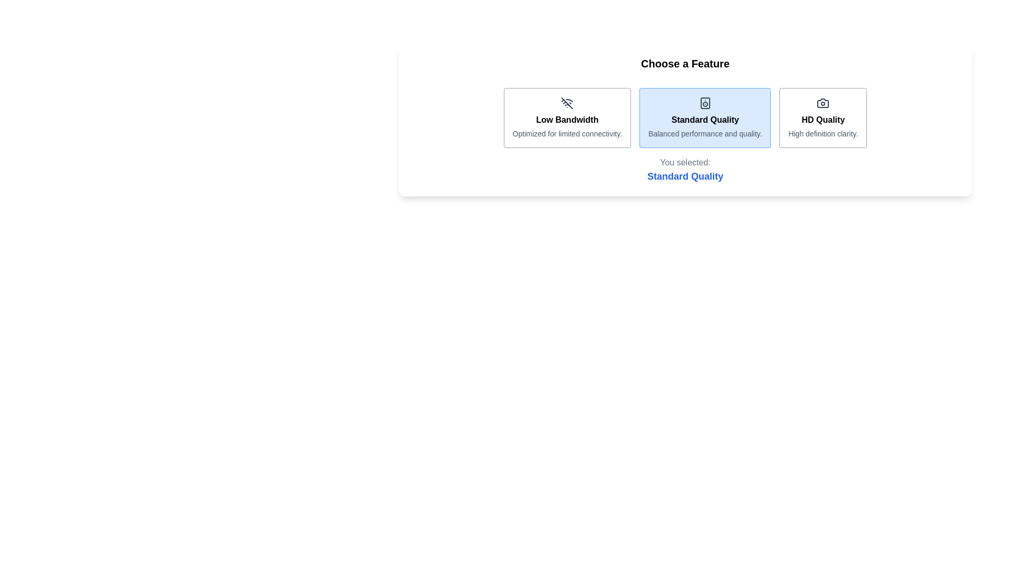 This screenshot has width=1013, height=569. What do you see at coordinates (685, 170) in the screenshot?
I see `the Static Text Area that displays the status of the user's selection, located centrally below the three feature options: 'Low Bandwidth,' 'Standard Quality,' and 'HD Quality.'` at bounding box center [685, 170].